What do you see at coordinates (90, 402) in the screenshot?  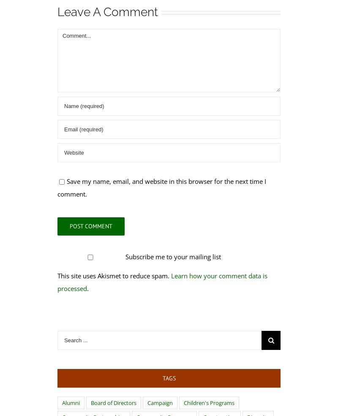 I see `'Board of Directors'` at bounding box center [90, 402].